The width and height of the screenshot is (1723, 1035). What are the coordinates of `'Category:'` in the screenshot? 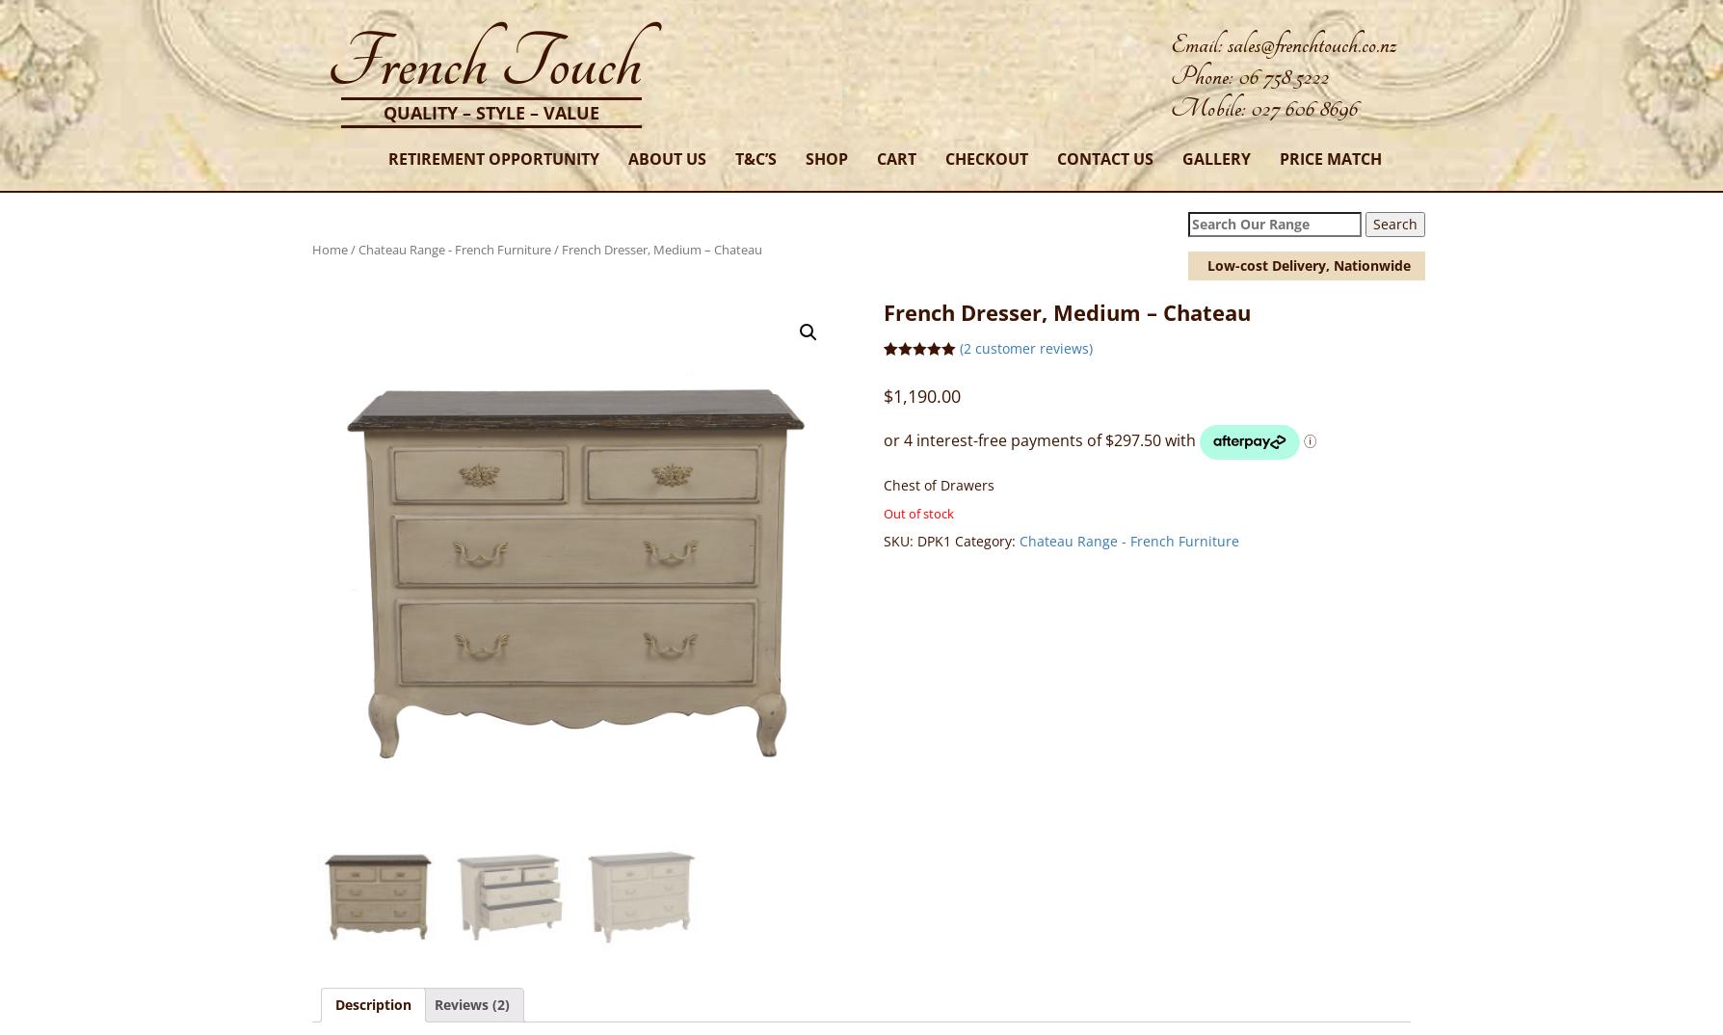 It's located at (986, 540).